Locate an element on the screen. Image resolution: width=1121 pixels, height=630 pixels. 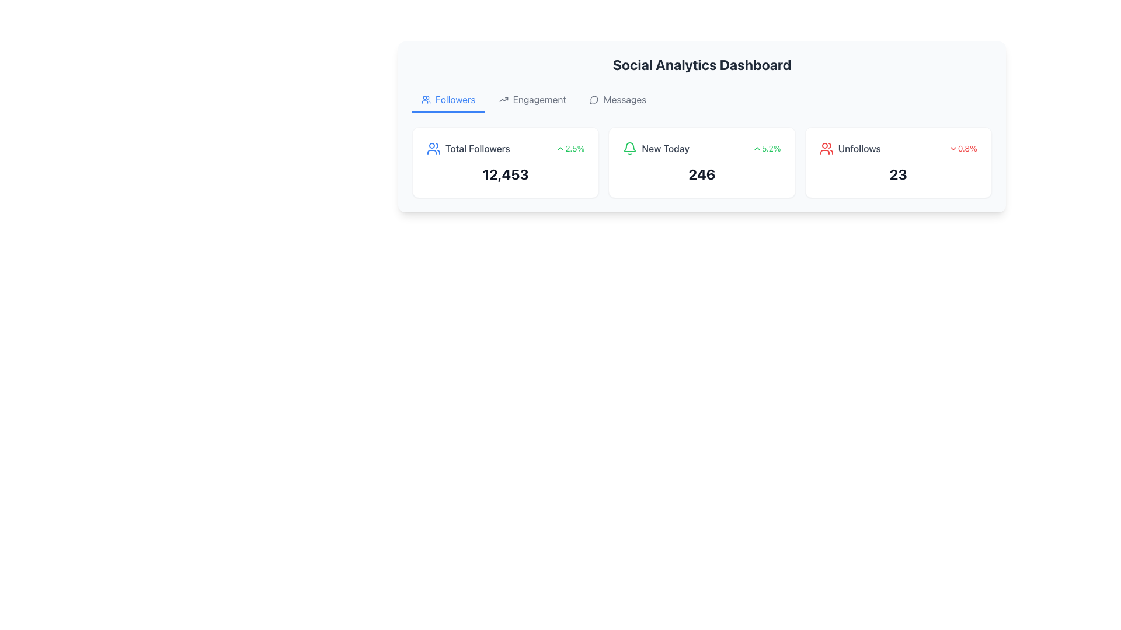
the small, line-drawn trending-up arrow icon located next to the 'Engagement' text within the navigation tab is located at coordinates (503, 99).